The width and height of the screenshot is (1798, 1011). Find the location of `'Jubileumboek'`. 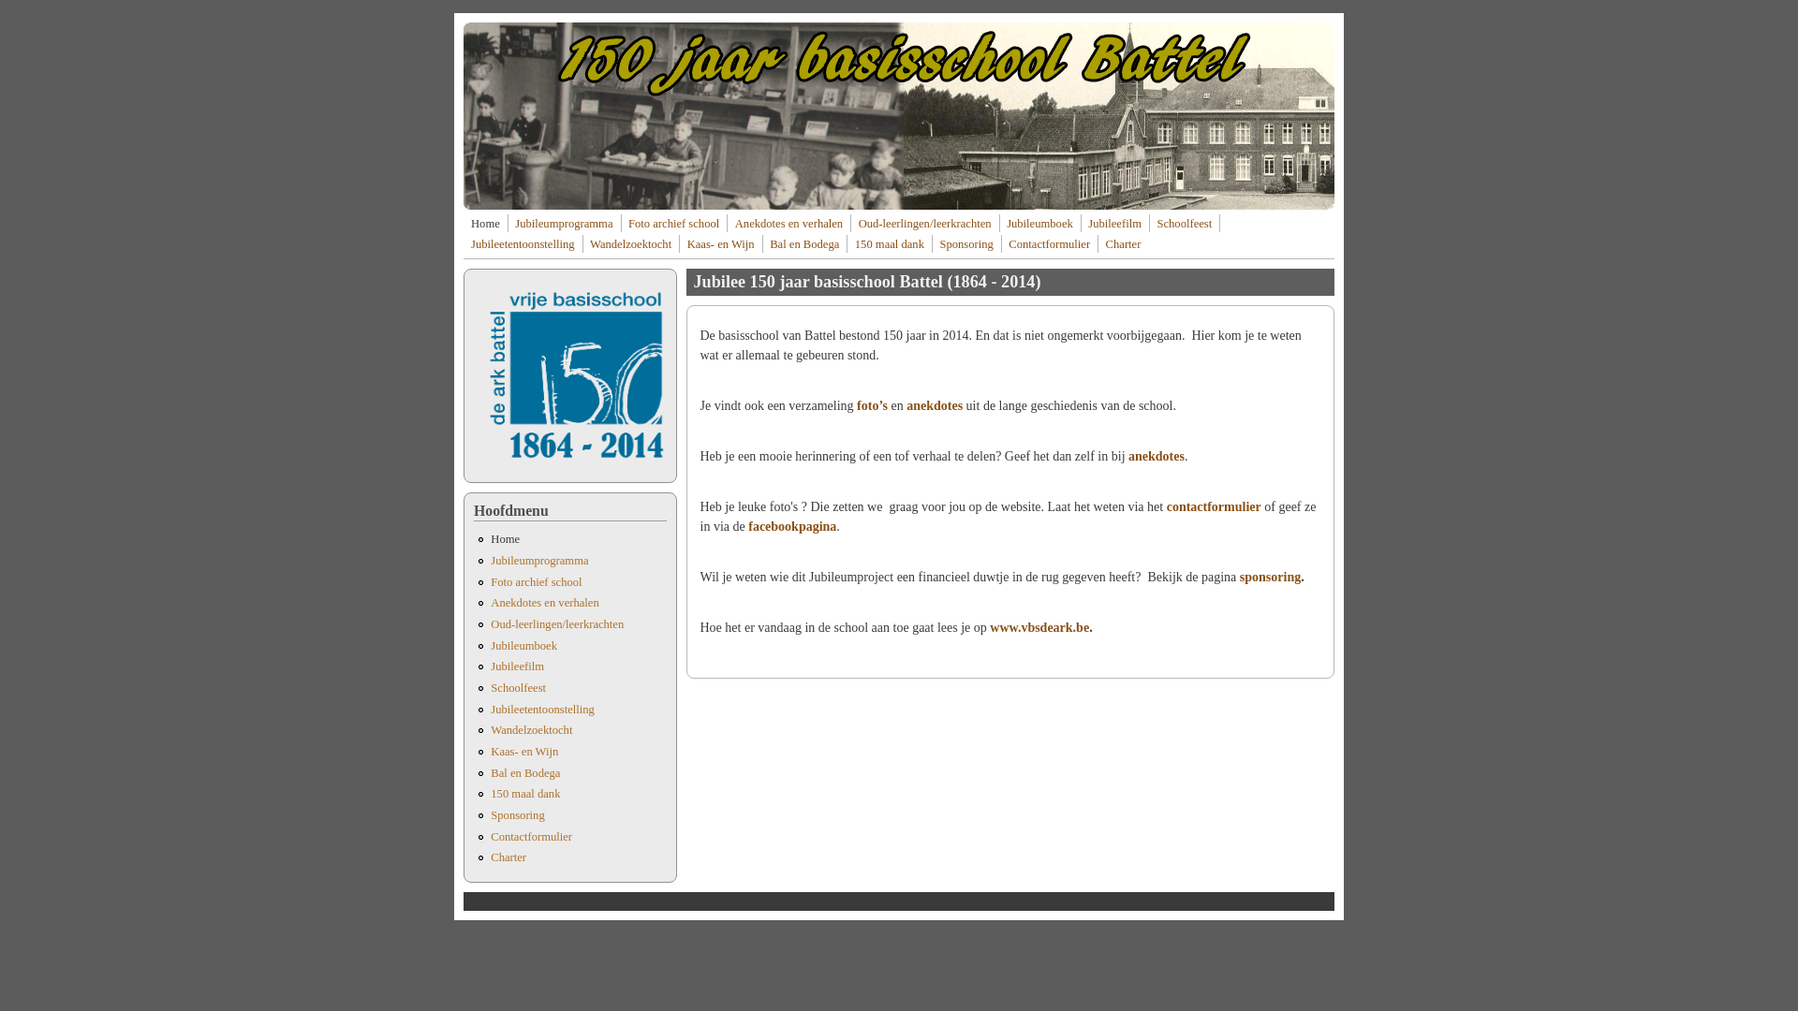

'Jubileumboek' is located at coordinates (1039, 223).